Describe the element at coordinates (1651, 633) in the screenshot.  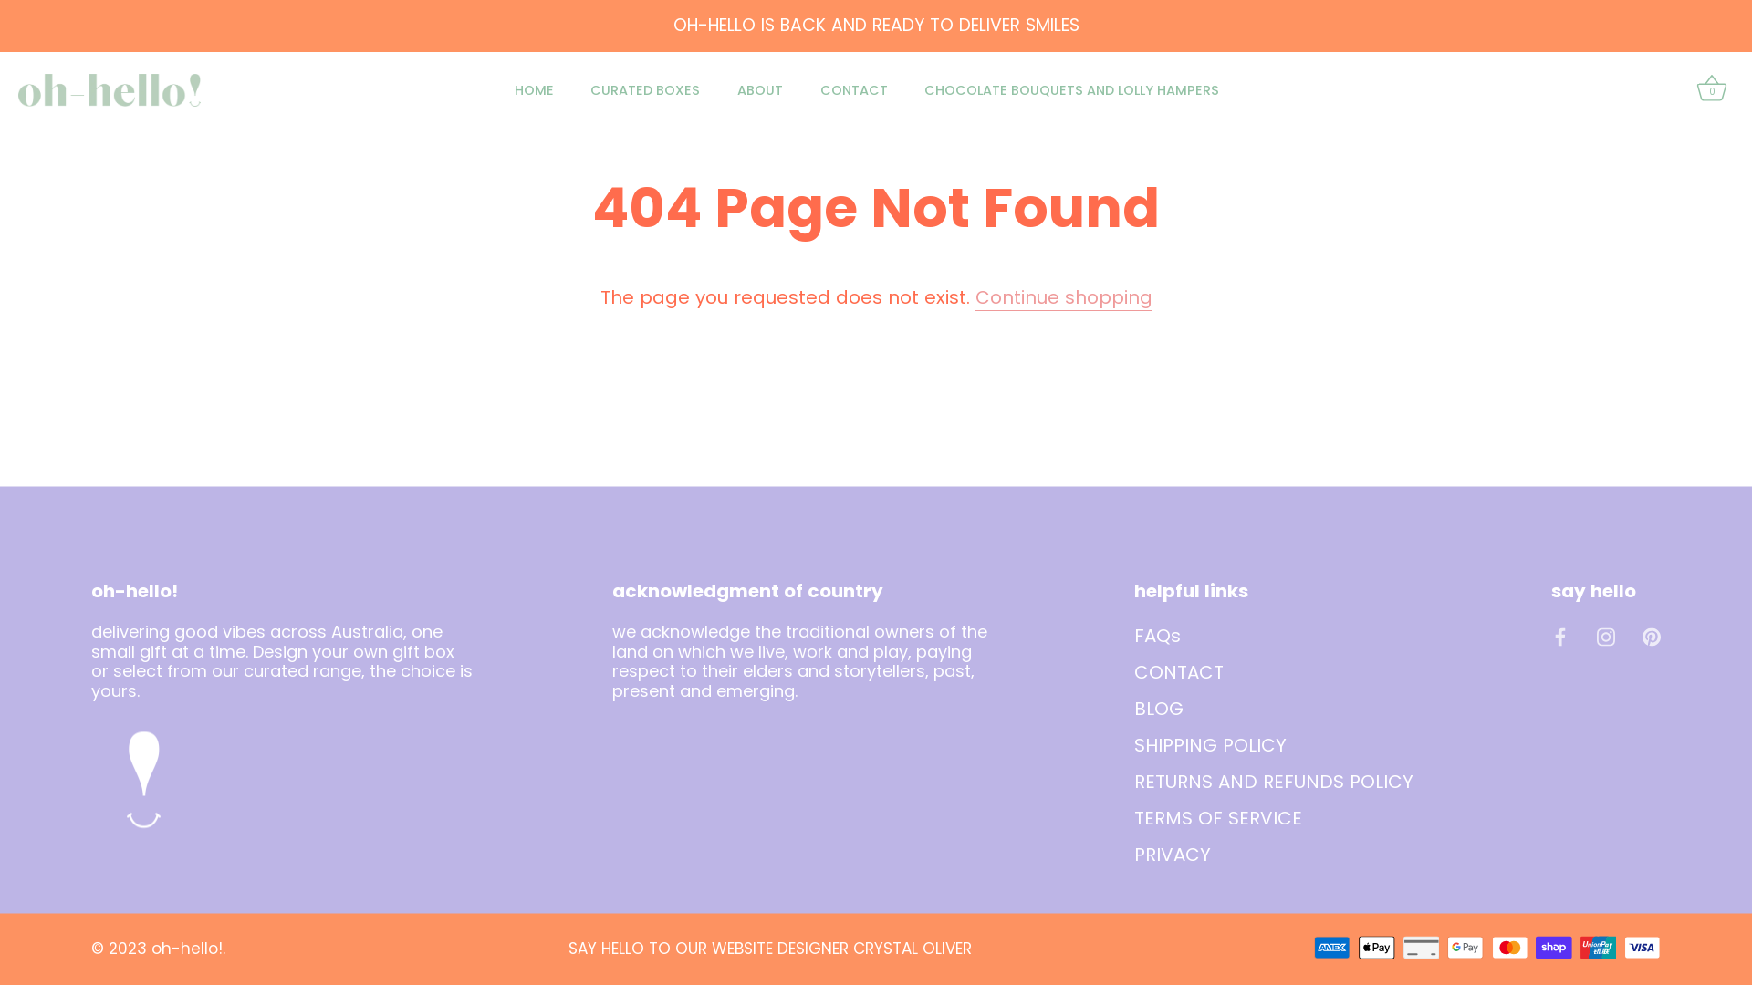
I see `'Pinterest'` at that location.